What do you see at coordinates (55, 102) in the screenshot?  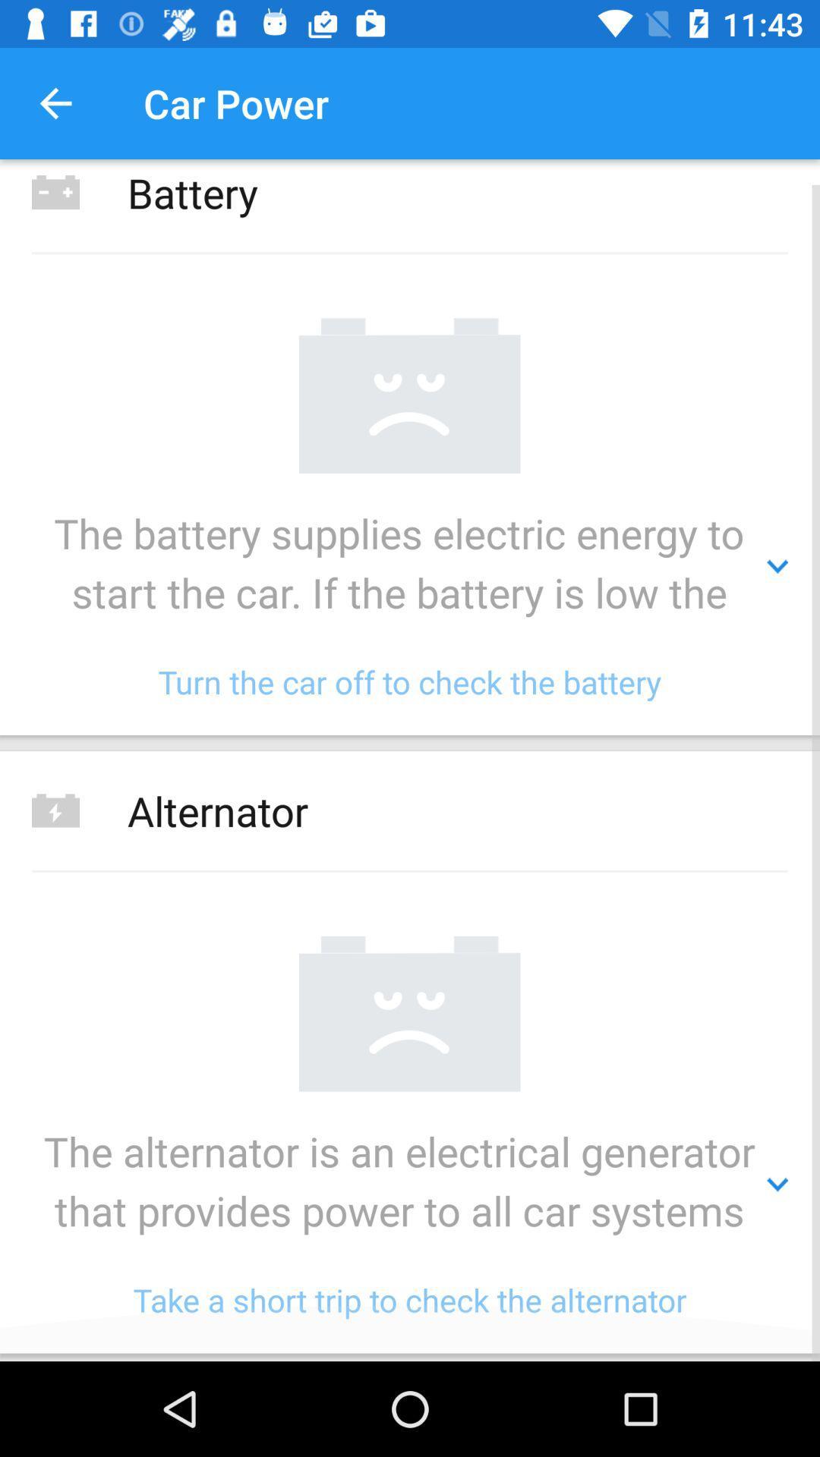 I see `the item above the battery` at bounding box center [55, 102].